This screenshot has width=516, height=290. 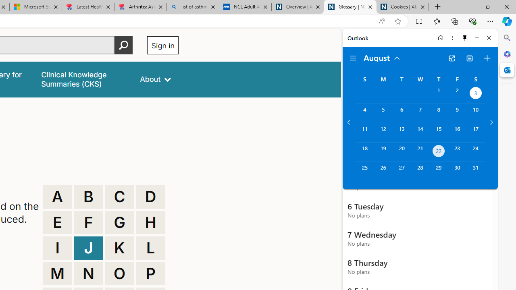 What do you see at coordinates (364, 113) in the screenshot?
I see `'Sunday, August 4, 2024. '` at bounding box center [364, 113].